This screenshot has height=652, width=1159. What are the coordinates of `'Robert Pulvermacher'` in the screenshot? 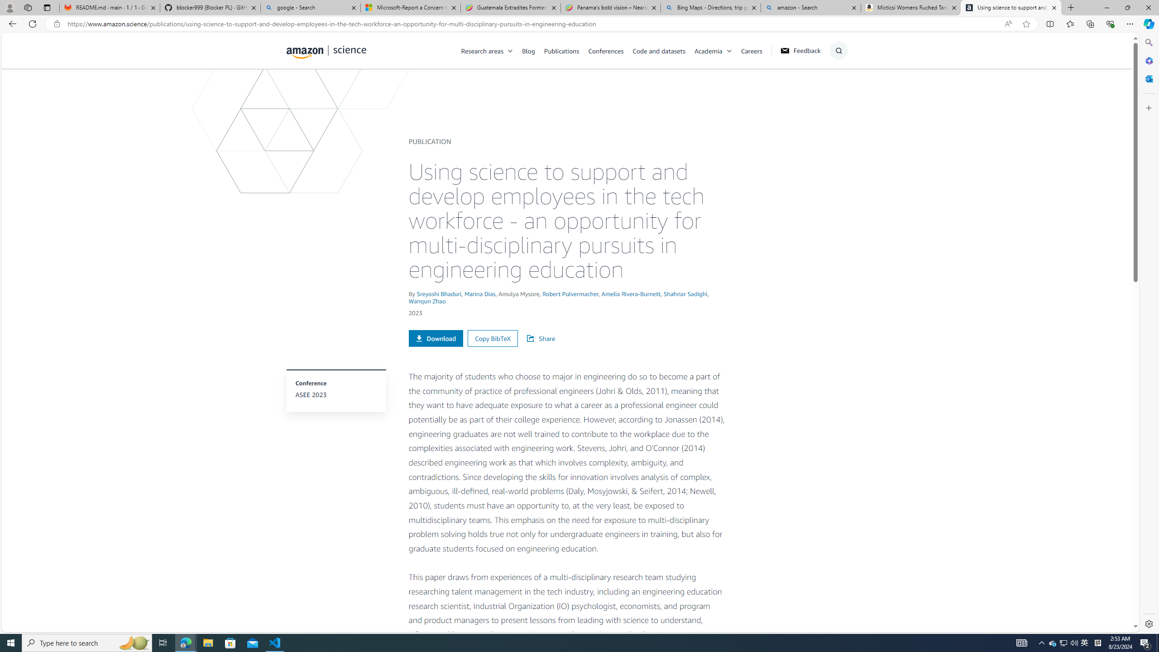 It's located at (570, 293).